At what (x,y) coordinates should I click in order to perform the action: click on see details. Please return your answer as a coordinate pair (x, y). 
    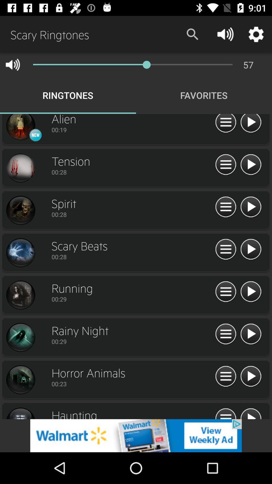
    Looking at the image, I should click on (225, 334).